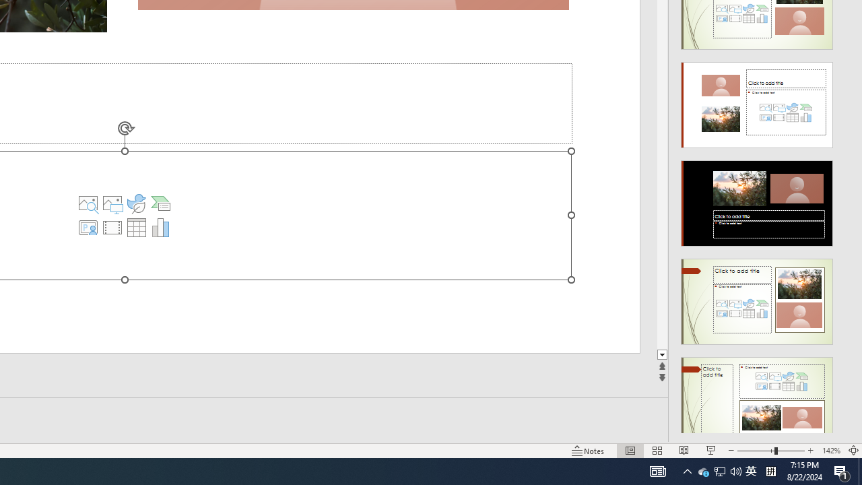 This screenshot has height=485, width=862. What do you see at coordinates (589, 451) in the screenshot?
I see `'Notes '` at bounding box center [589, 451].